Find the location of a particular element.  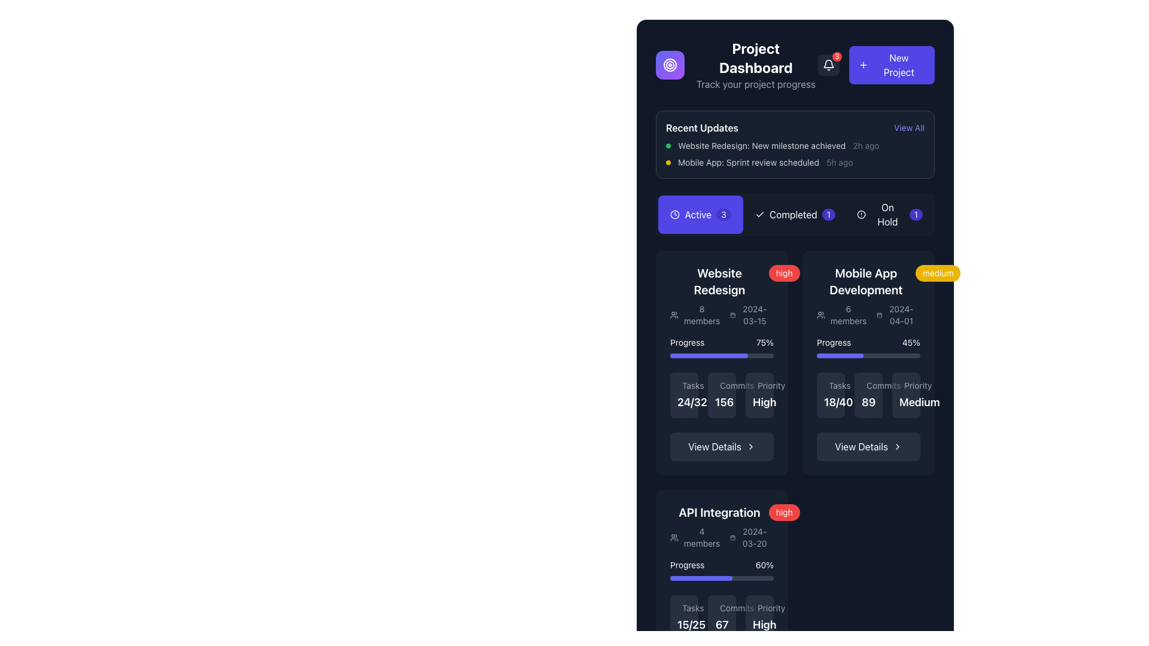

details of the project summary card titled 'Website Redesign' located in the 'Active' section under the 'Recent Updates' and 'Active' tab filters is located at coordinates (721, 295).